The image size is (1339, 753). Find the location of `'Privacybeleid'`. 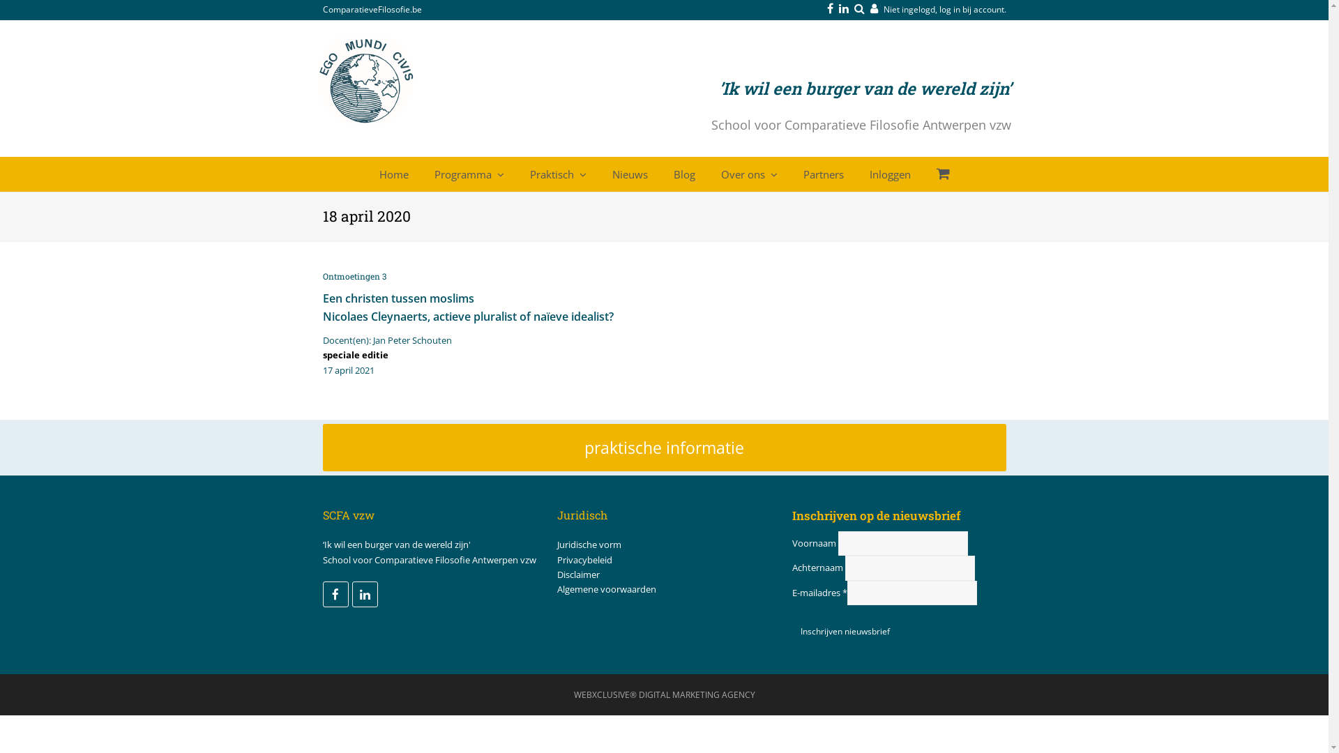

'Privacybeleid' is located at coordinates (584, 558).